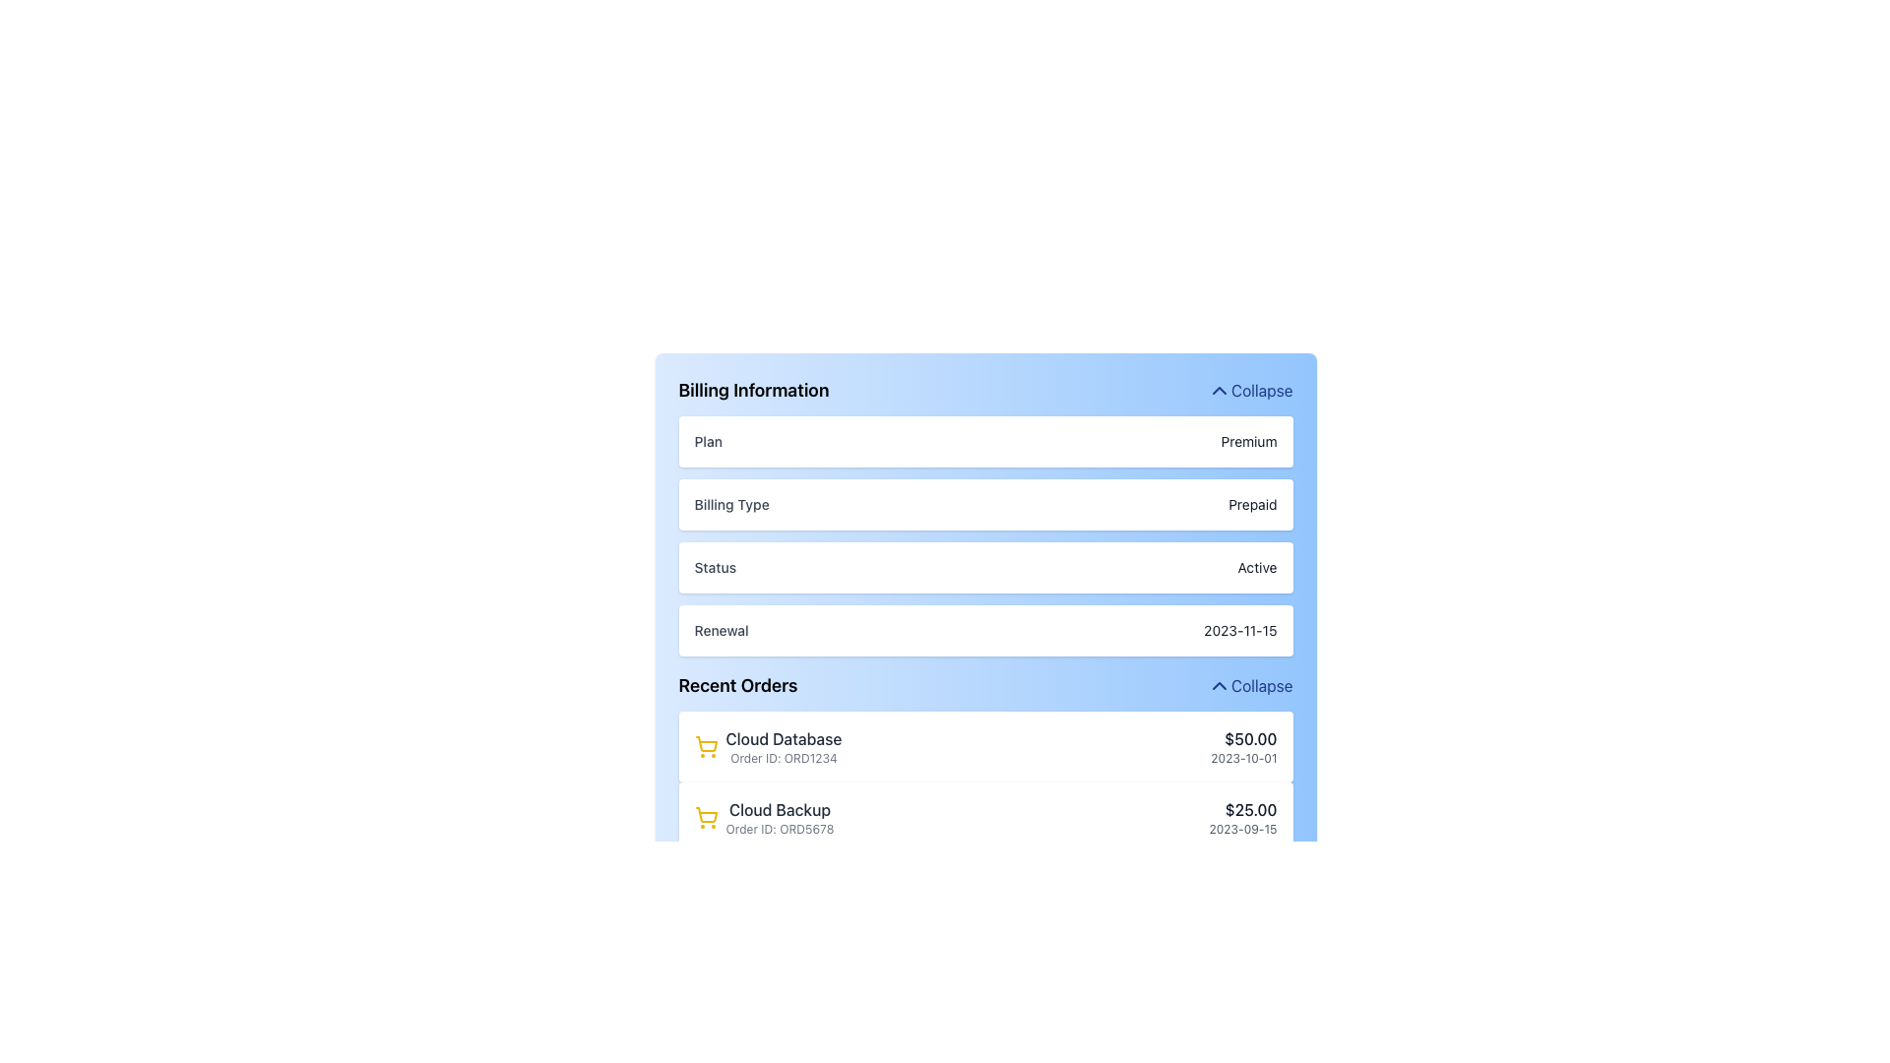 Image resolution: width=1890 pixels, height=1063 pixels. What do you see at coordinates (985, 817) in the screenshot?
I see `the second row` at bounding box center [985, 817].